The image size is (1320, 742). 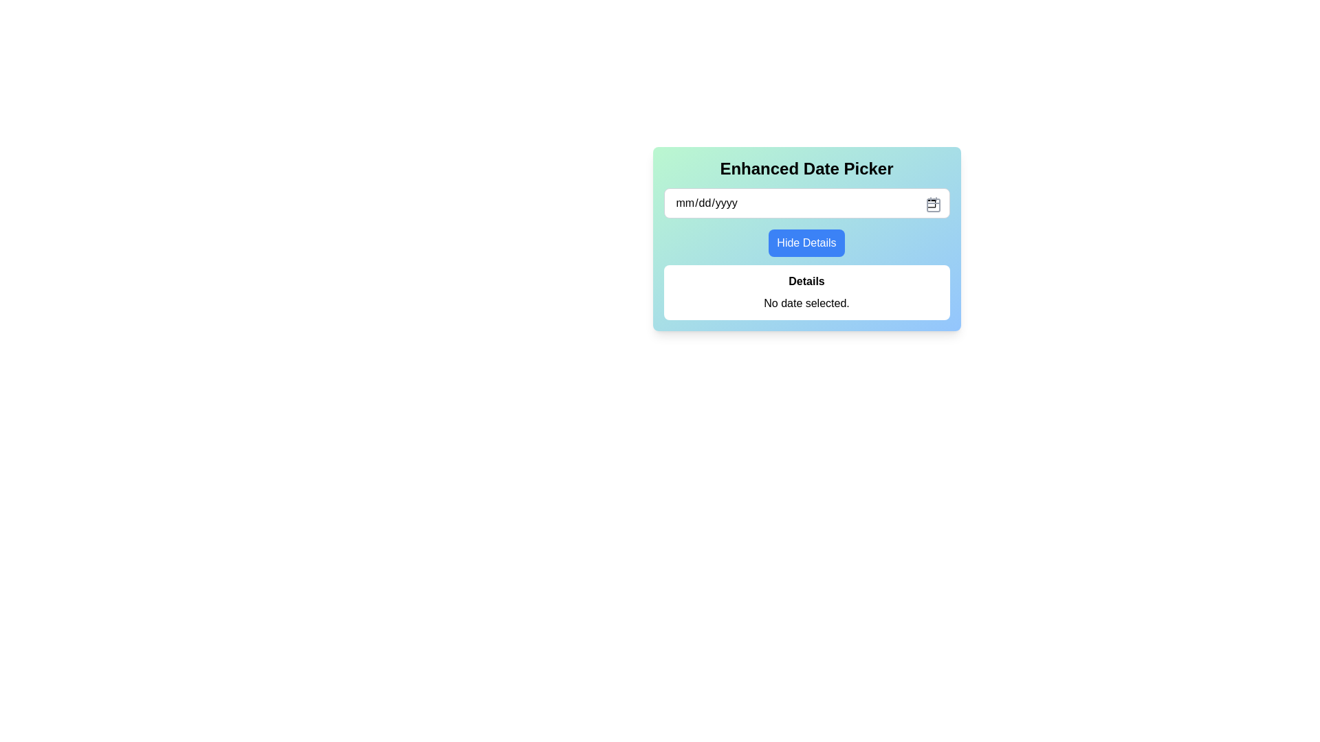 What do you see at coordinates (806, 303) in the screenshot?
I see `text content of the Text Label displaying 'No date selected.' in black font, which is located beneath the 'Details' heading in a white rounded box` at bounding box center [806, 303].